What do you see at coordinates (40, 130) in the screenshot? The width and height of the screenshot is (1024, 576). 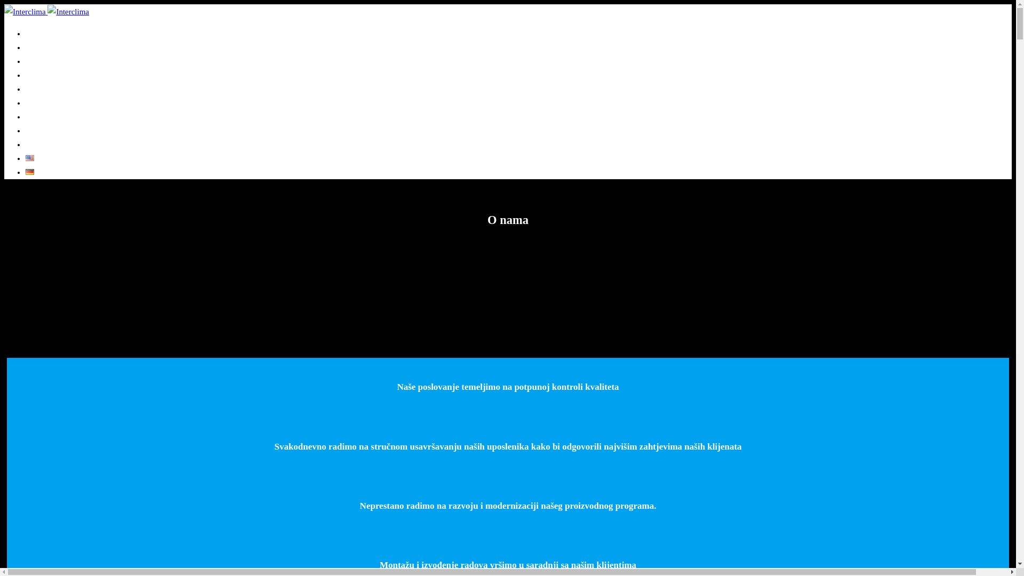 I see `'Katalozi'` at bounding box center [40, 130].